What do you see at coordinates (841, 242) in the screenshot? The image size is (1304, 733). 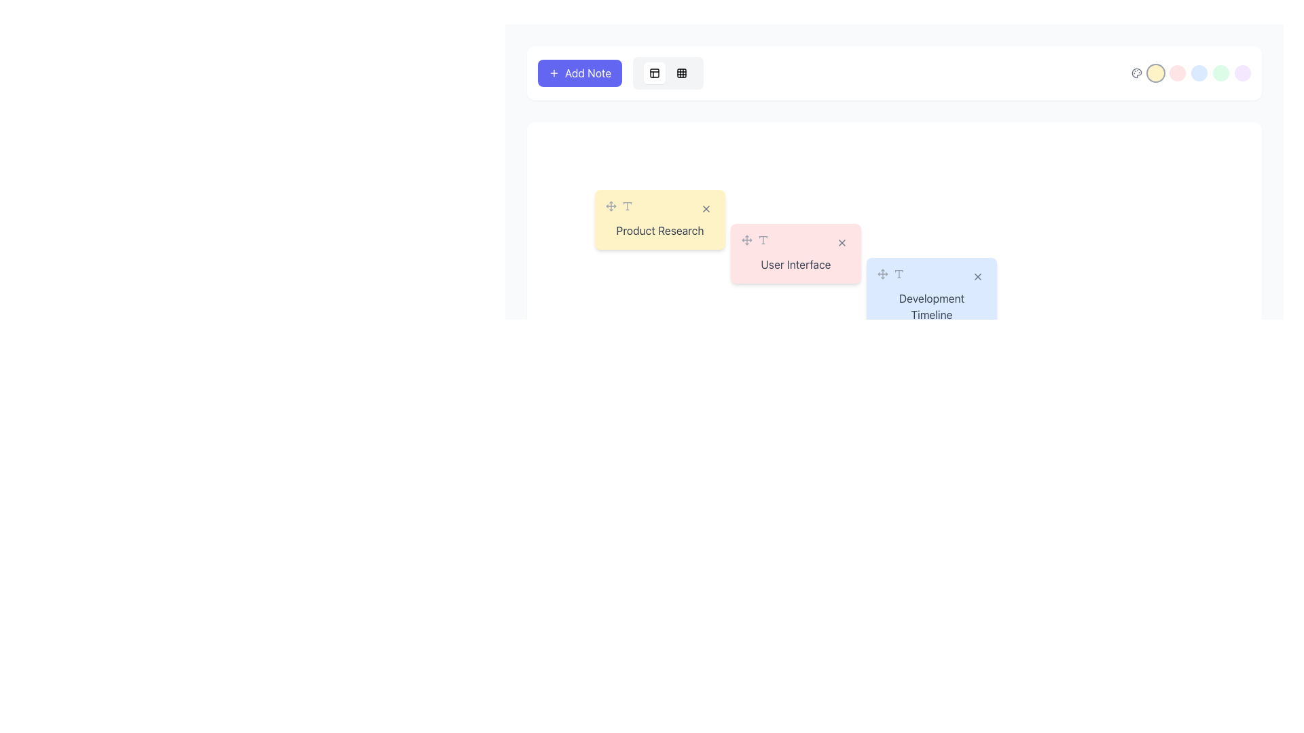 I see `the close button located in the top-right corner of the reddish 'User Interface' card to trigger a tooltip or visual feedback` at bounding box center [841, 242].